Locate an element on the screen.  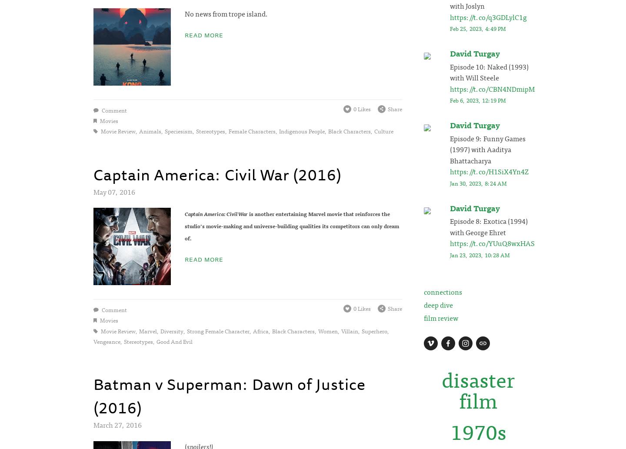
'1970s' is located at coordinates (477, 430).